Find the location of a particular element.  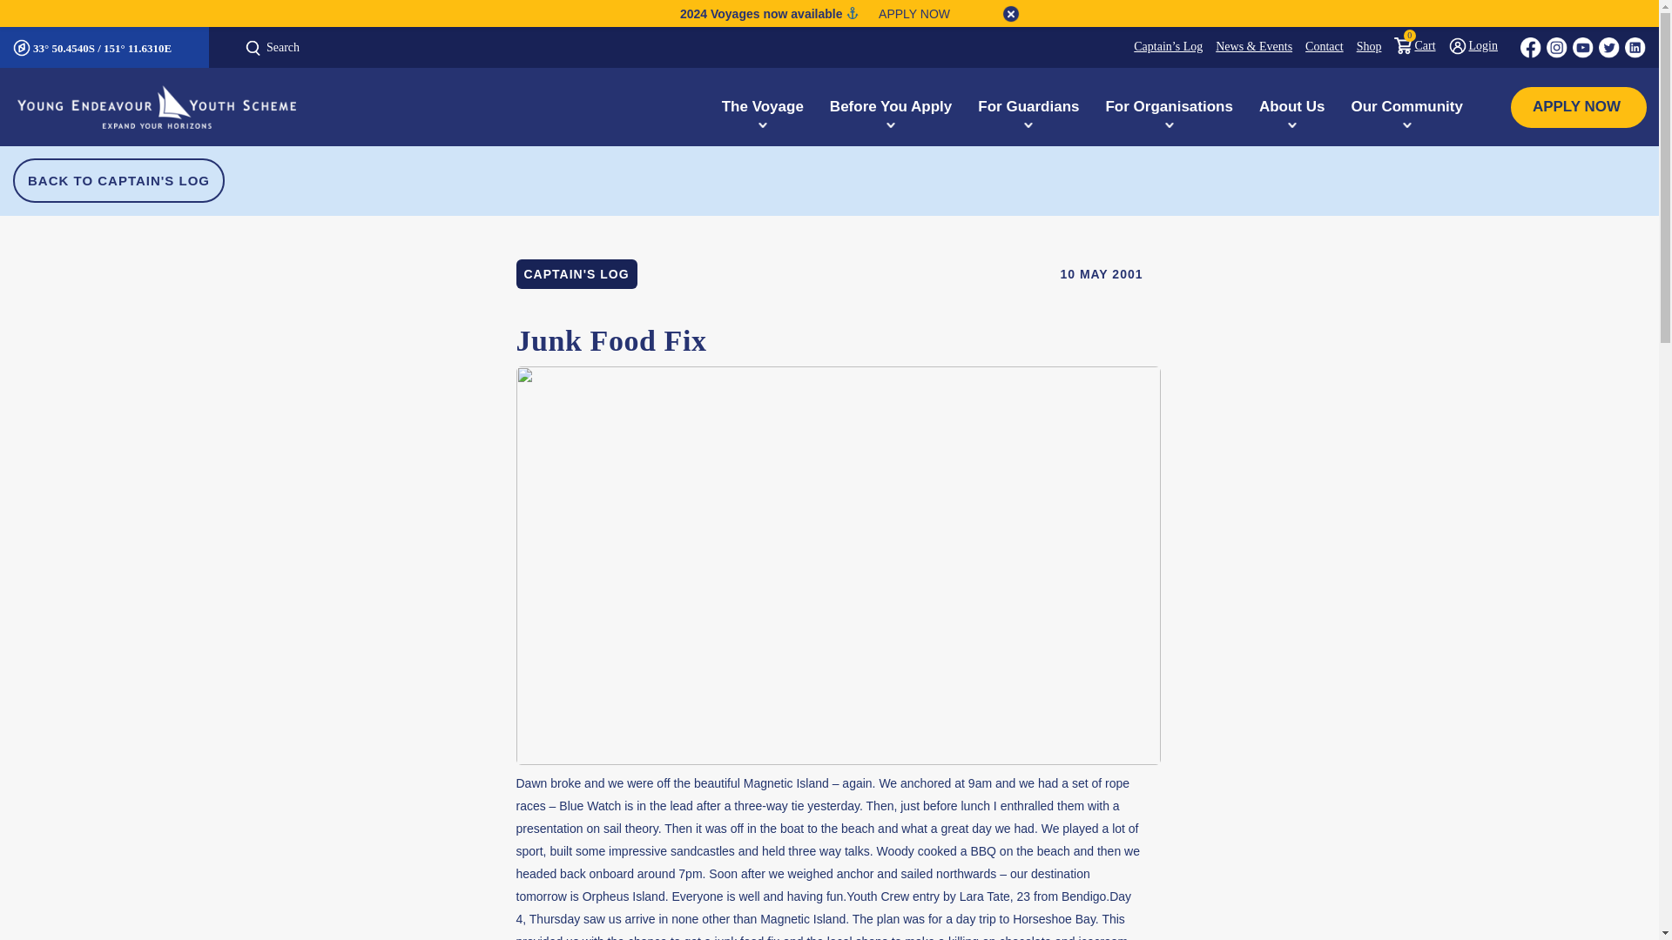

'Login' is located at coordinates (1436, 44).